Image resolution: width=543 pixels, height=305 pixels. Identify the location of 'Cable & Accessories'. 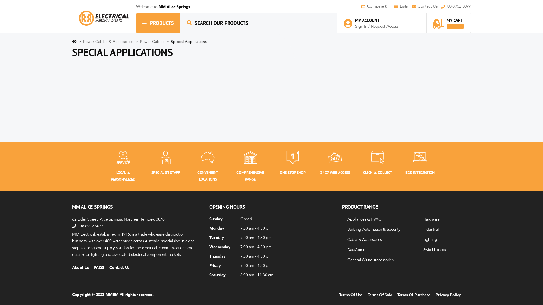
(365, 239).